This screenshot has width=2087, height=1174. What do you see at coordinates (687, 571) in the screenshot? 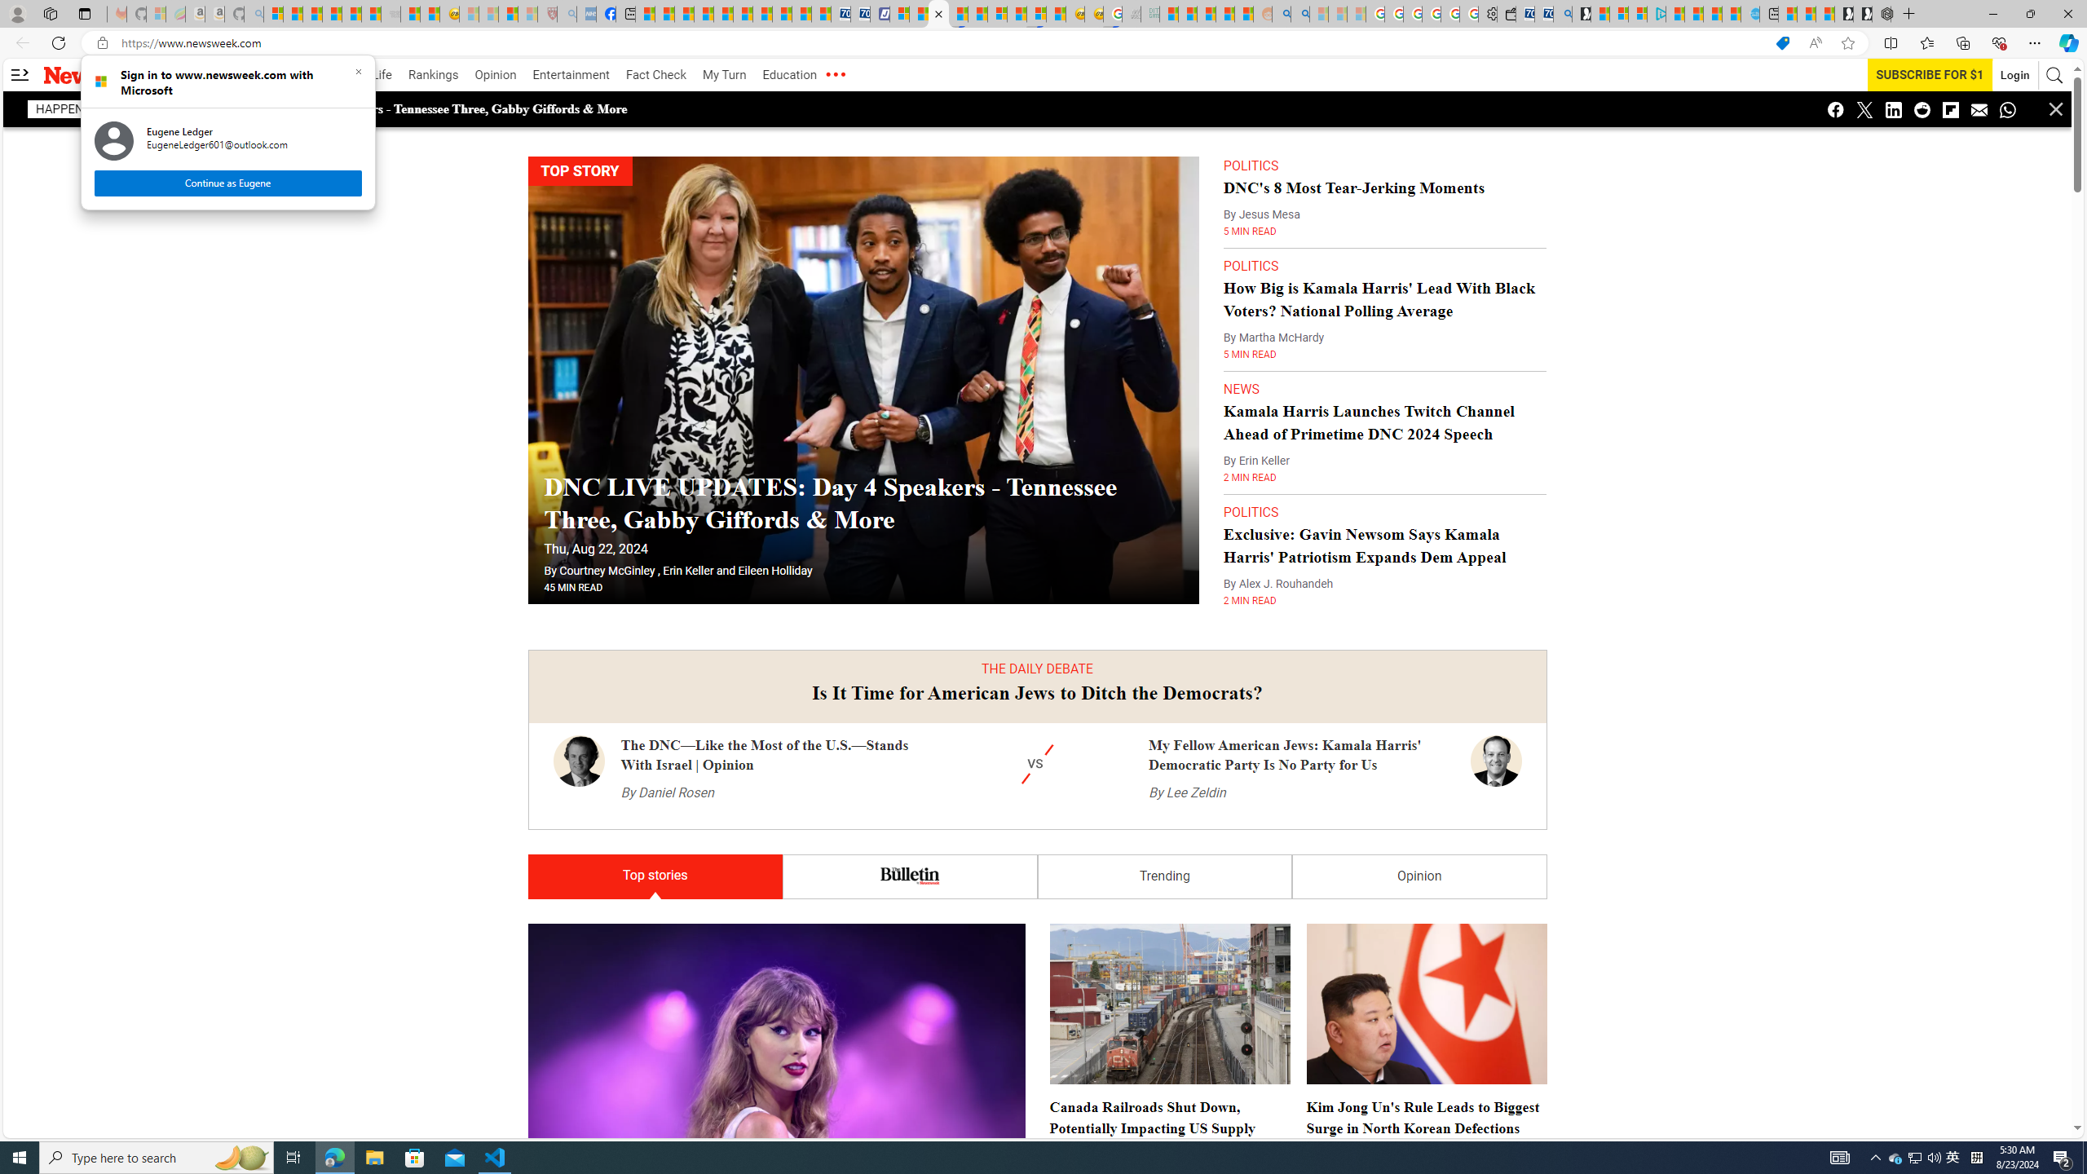
I see `'Erin Keller'` at bounding box center [687, 571].